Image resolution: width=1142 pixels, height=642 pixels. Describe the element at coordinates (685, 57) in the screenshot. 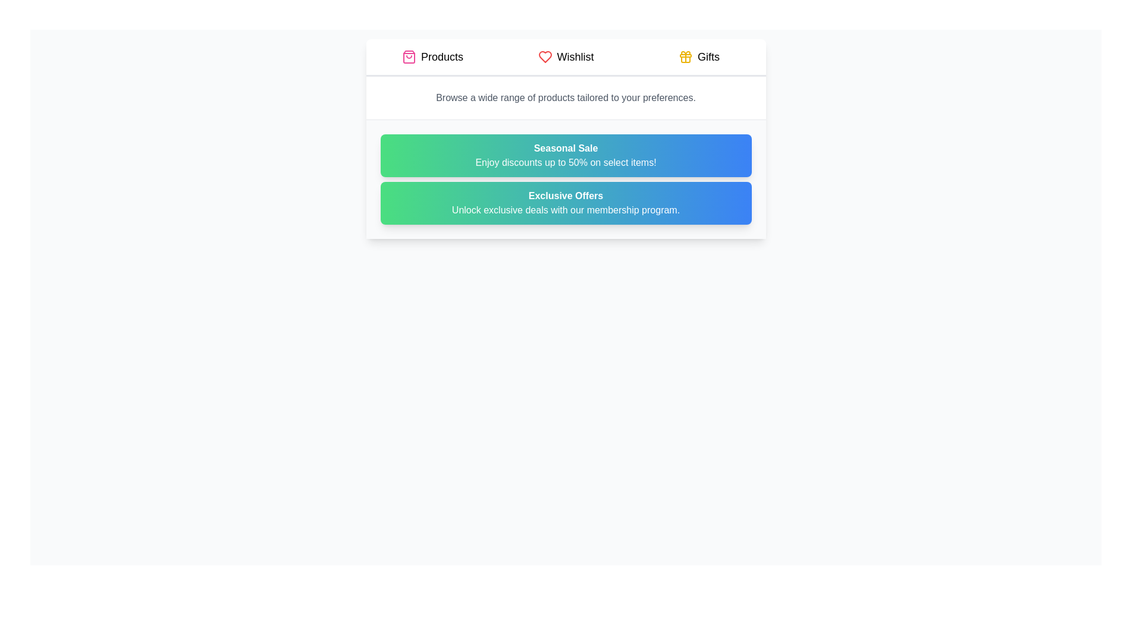

I see `the decorative icon for the Gifts tab` at that location.